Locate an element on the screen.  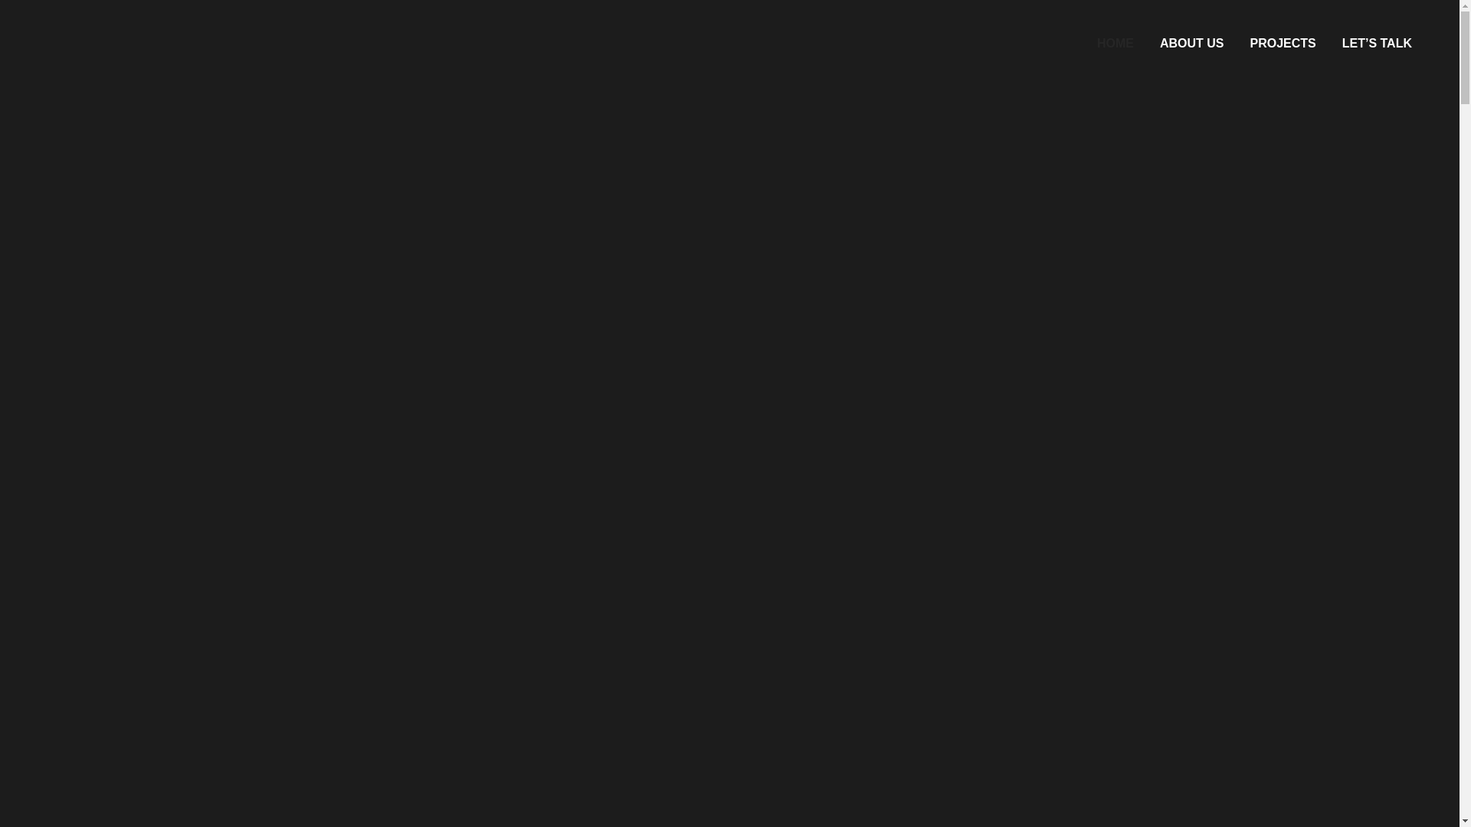
'PROJECTS' is located at coordinates (1283, 43).